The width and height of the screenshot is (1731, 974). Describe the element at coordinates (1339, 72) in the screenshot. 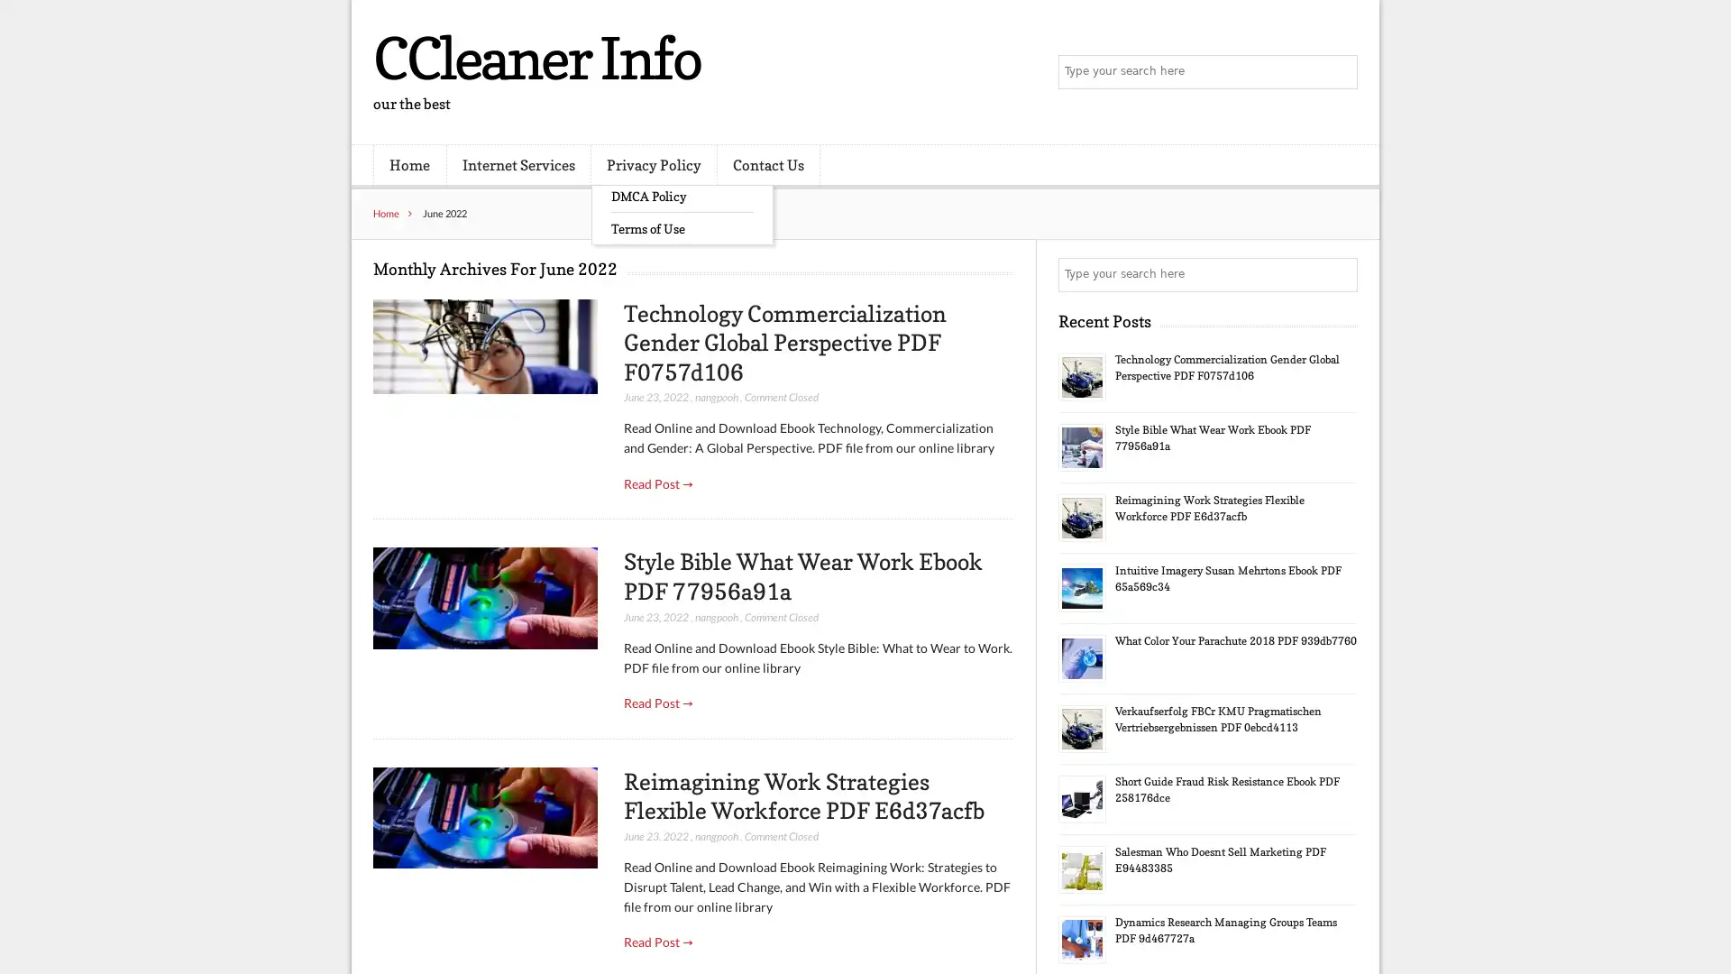

I see `Search` at that location.